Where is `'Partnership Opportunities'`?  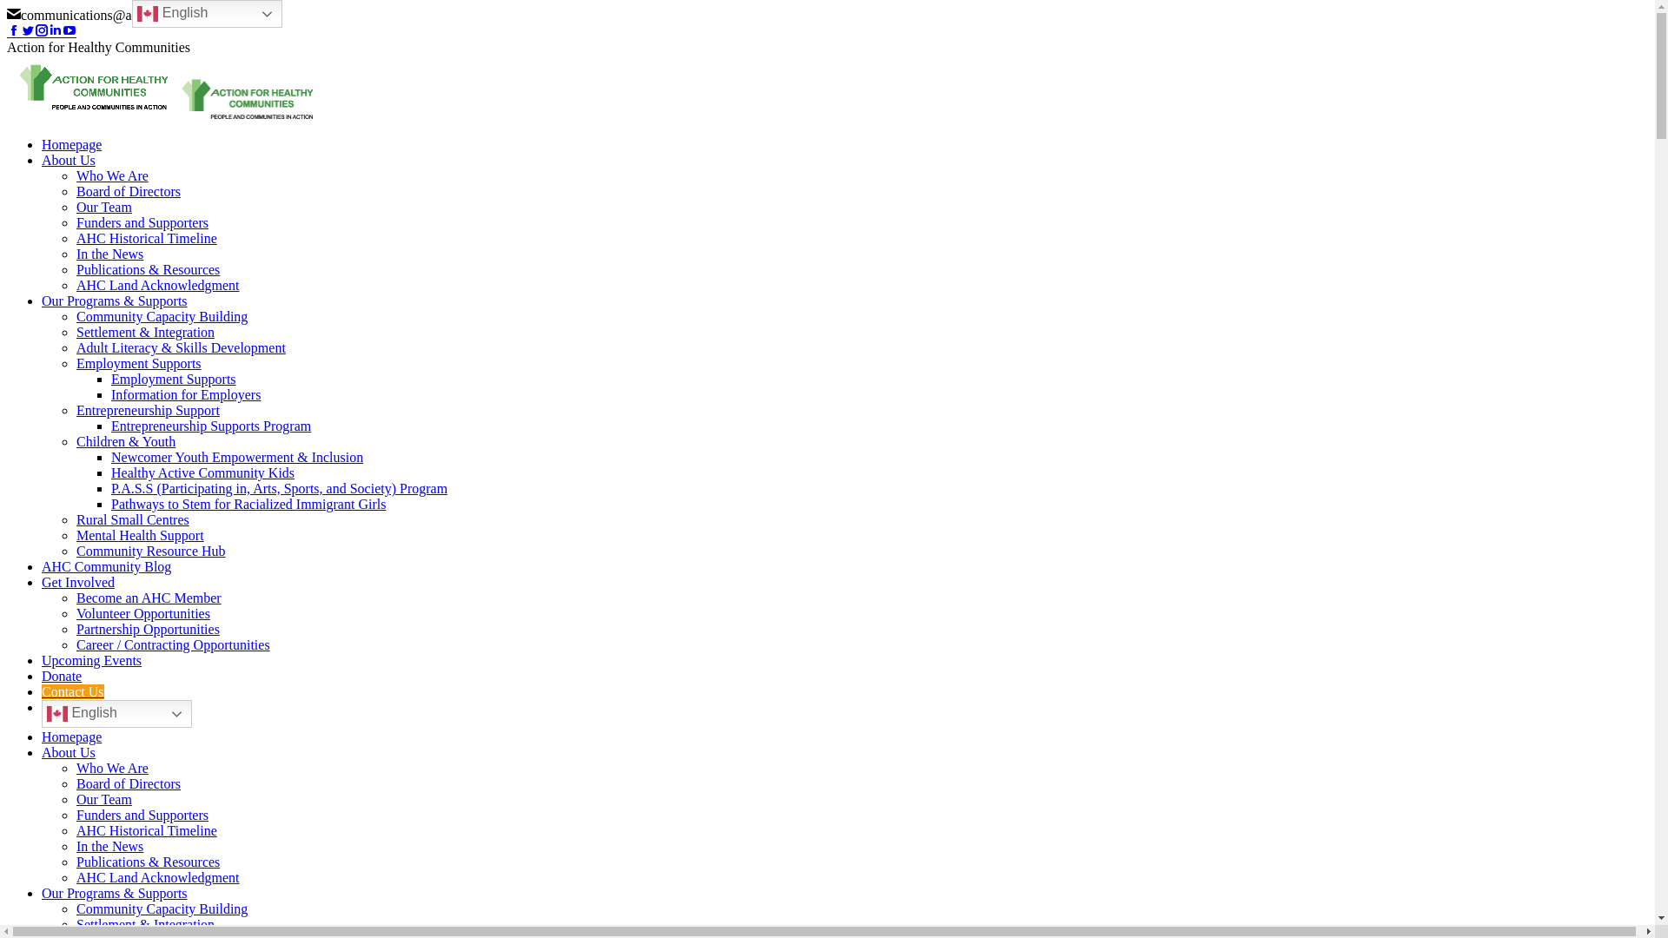 'Partnership Opportunities' is located at coordinates (148, 629).